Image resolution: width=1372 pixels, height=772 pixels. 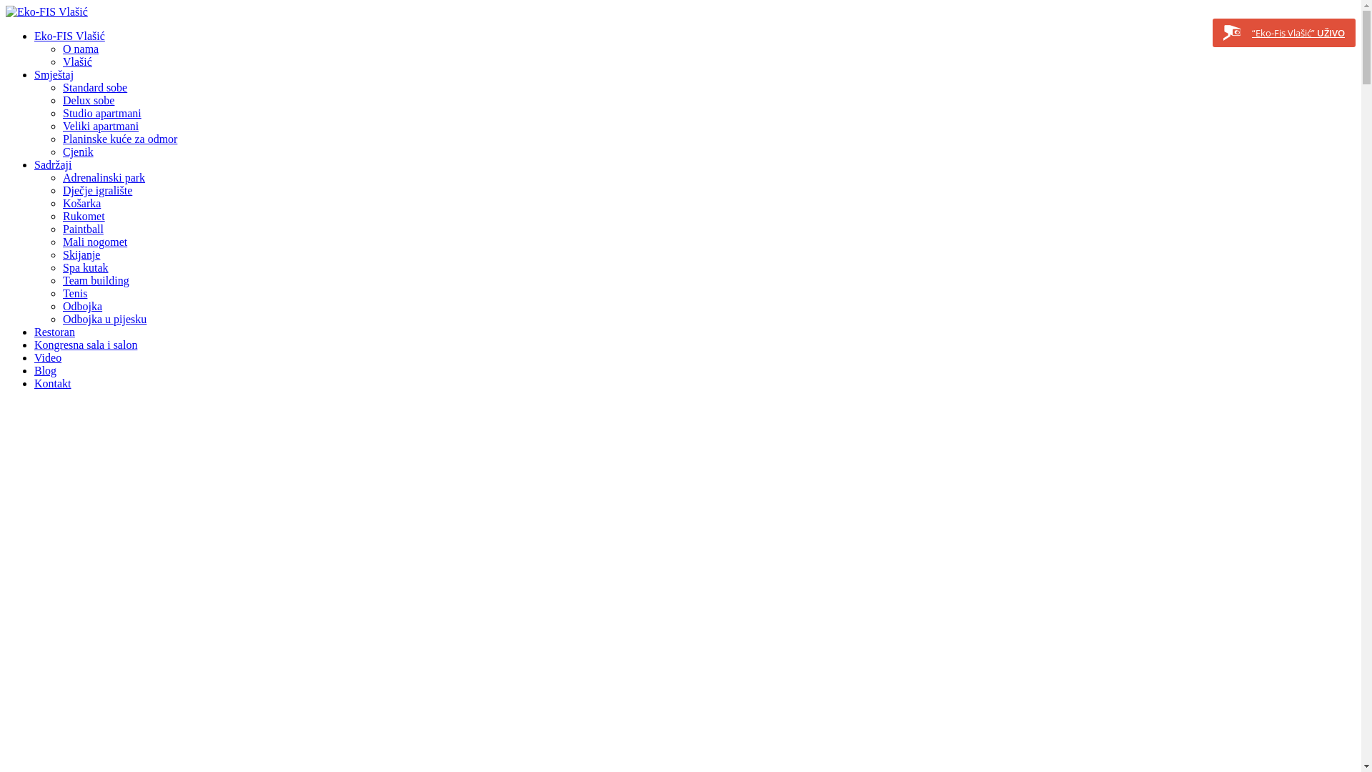 I want to click on 'Adrenalinski park', so click(x=103, y=177).